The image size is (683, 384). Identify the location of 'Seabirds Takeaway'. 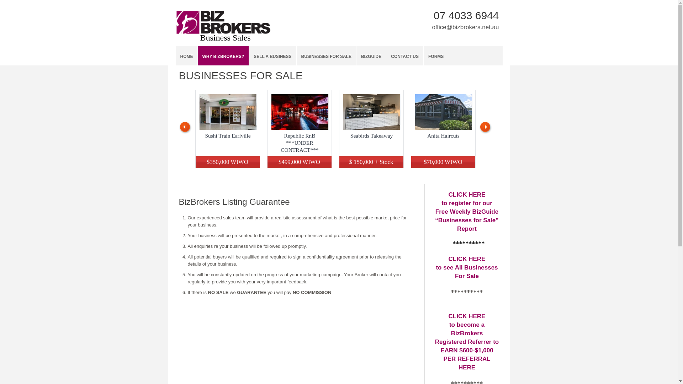
(371, 112).